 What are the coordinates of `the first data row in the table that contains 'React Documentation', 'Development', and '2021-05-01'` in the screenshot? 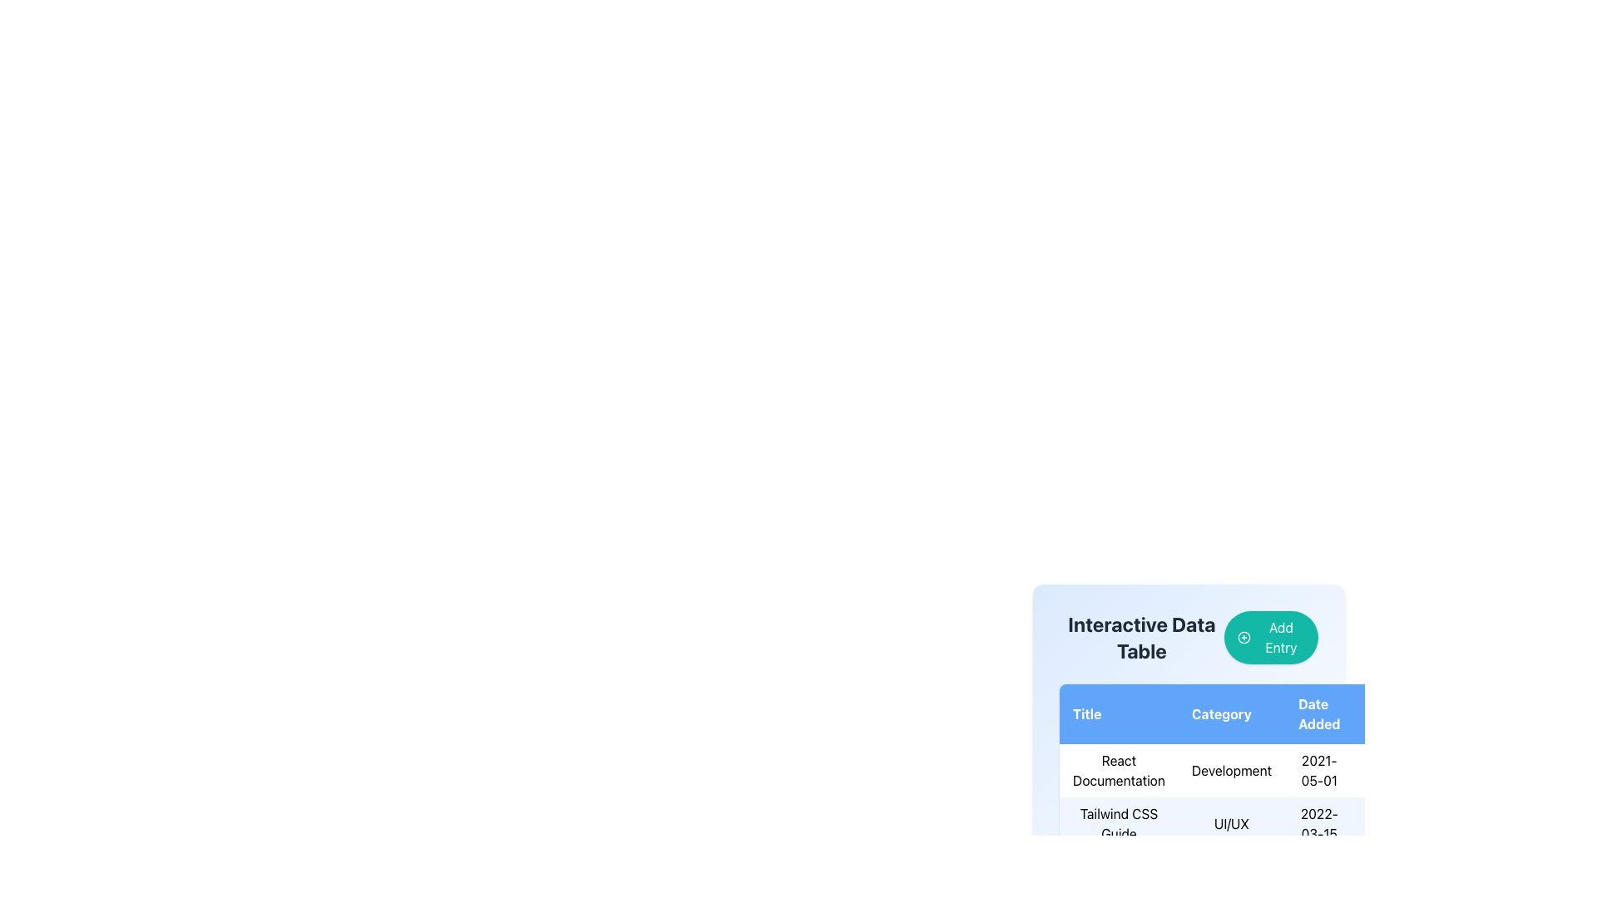 It's located at (1244, 770).